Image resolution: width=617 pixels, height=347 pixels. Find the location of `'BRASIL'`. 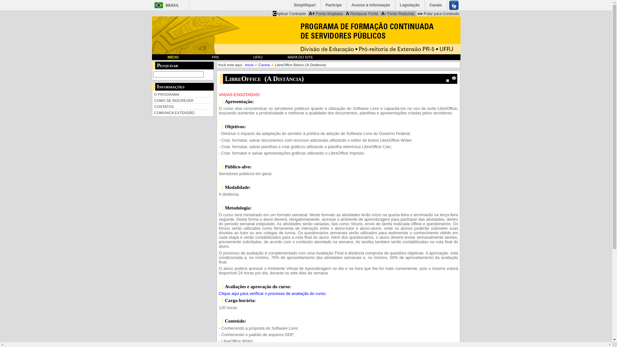

'BRASIL' is located at coordinates (165, 5).